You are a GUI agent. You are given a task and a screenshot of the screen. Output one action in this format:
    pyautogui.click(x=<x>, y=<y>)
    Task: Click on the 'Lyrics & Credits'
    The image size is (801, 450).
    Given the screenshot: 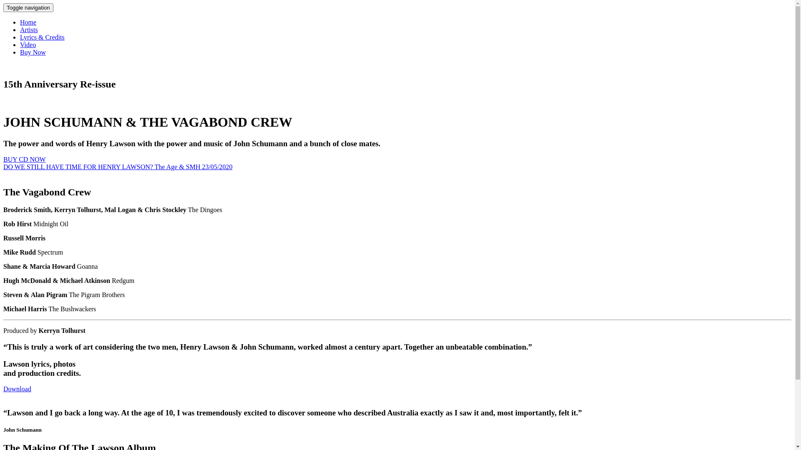 What is the action you would take?
    pyautogui.click(x=42, y=37)
    